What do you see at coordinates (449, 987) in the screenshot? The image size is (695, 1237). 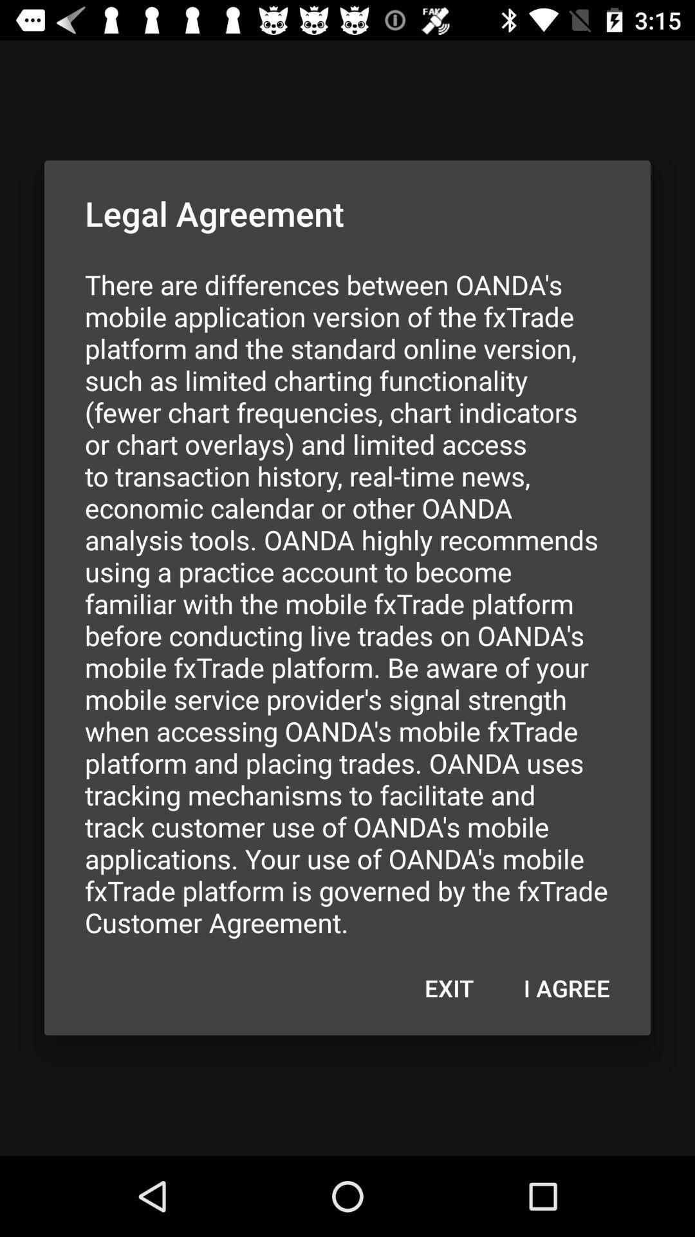 I see `icon to the left of the i agree button` at bounding box center [449, 987].